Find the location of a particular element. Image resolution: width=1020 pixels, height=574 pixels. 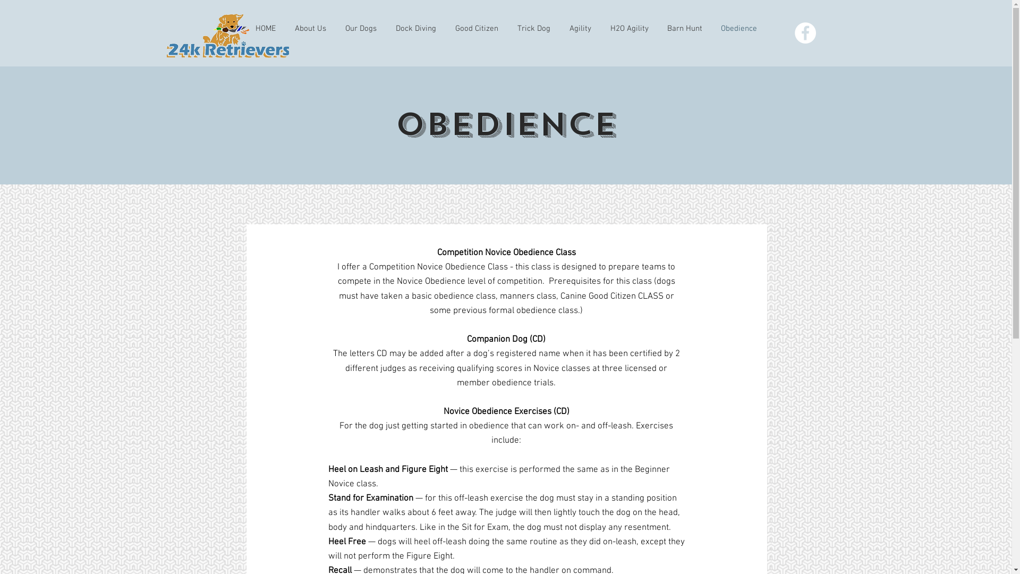

'Our Dogs' is located at coordinates (361, 28).